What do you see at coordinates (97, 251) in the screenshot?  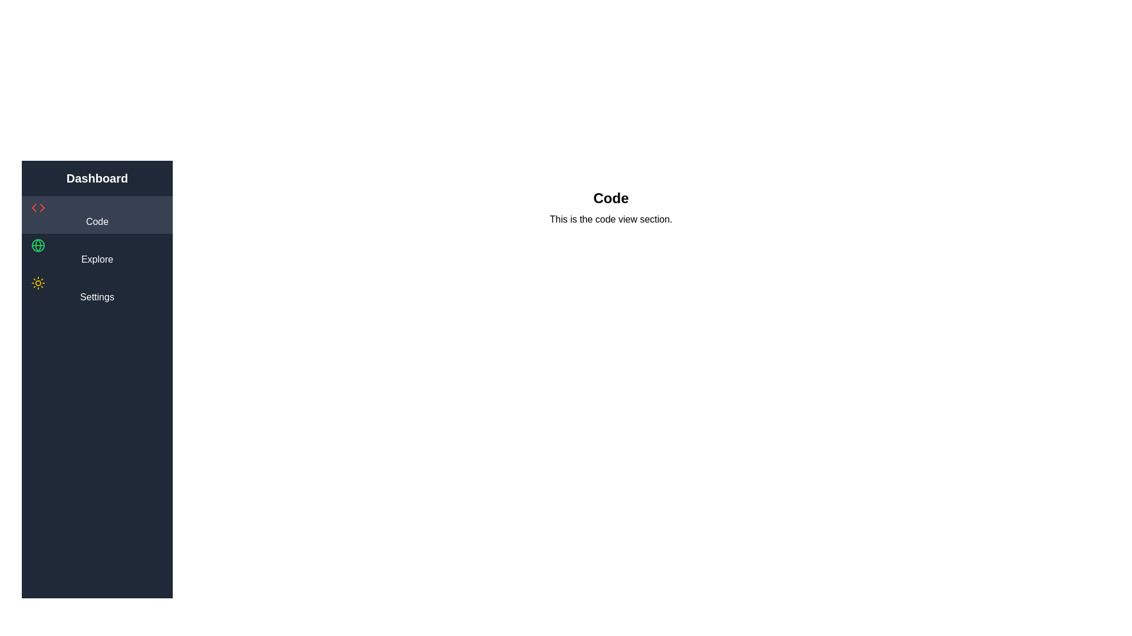 I see `the sidebar item labeled 'Explore' to highlight it` at bounding box center [97, 251].